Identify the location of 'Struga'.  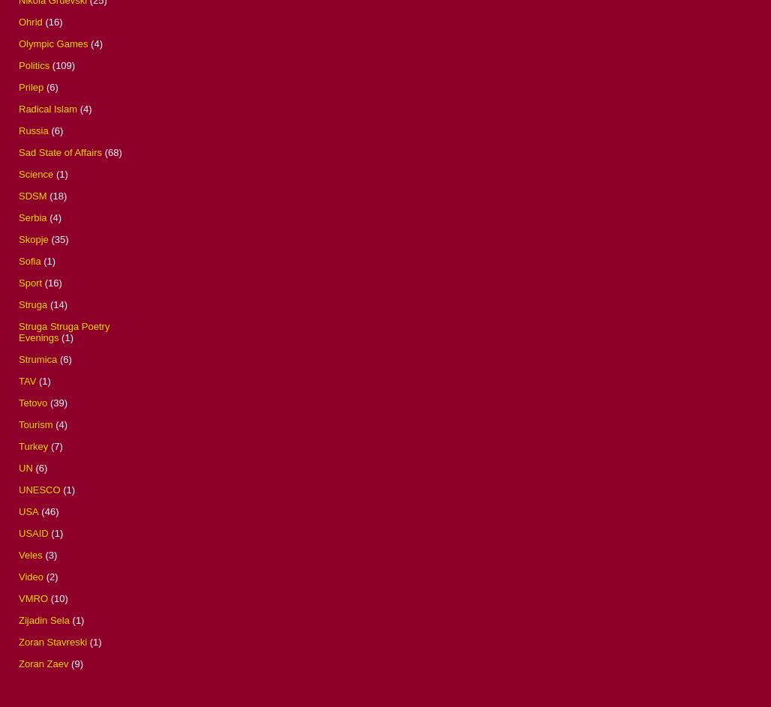
(18, 303).